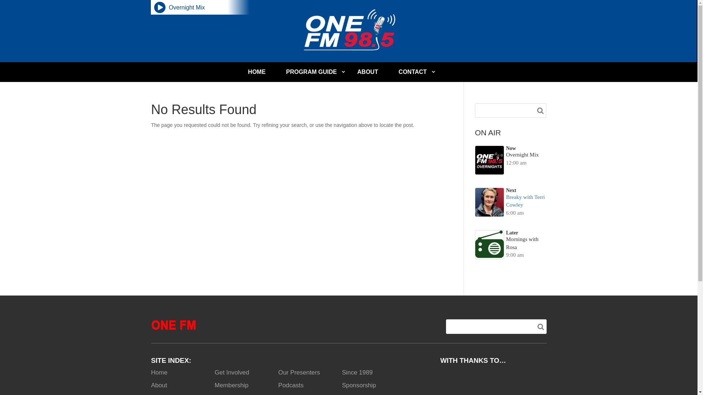 This screenshot has width=703, height=395. I want to click on 'PROGRAM GUIDE', so click(311, 72).